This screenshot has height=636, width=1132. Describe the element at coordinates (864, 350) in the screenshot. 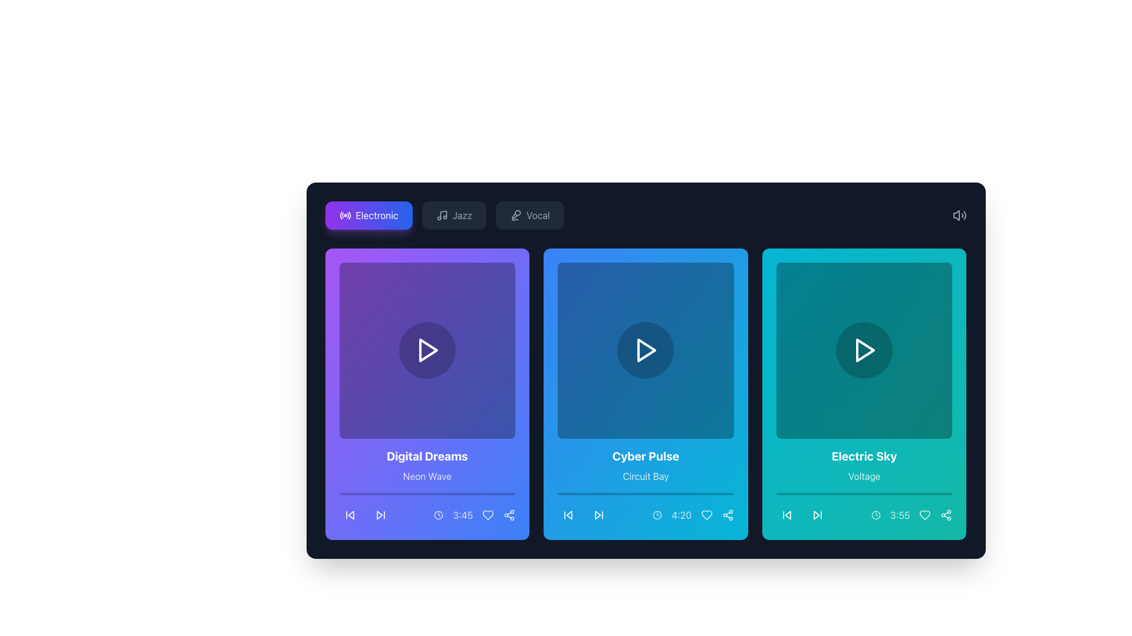

I see `the button with a white play icon centered in a gradient teal area, located in the third column of the card titled 'Electric Sky'` at that location.